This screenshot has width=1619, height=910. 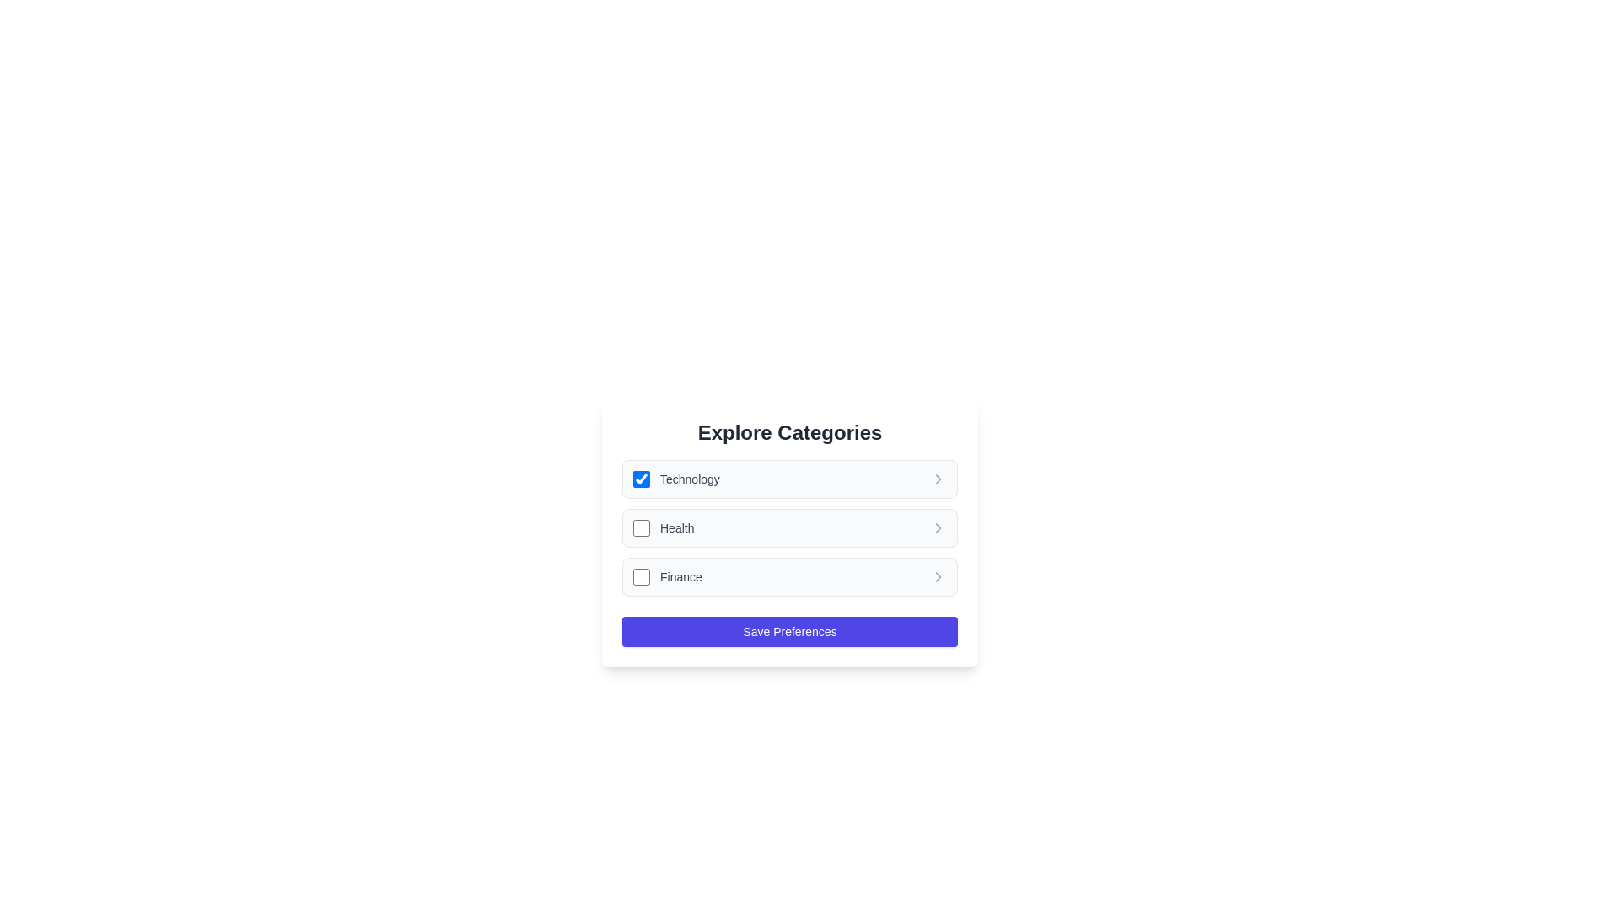 I want to click on the checkbox for the 'Health' category to toggle its state, so click(x=641, y=527).